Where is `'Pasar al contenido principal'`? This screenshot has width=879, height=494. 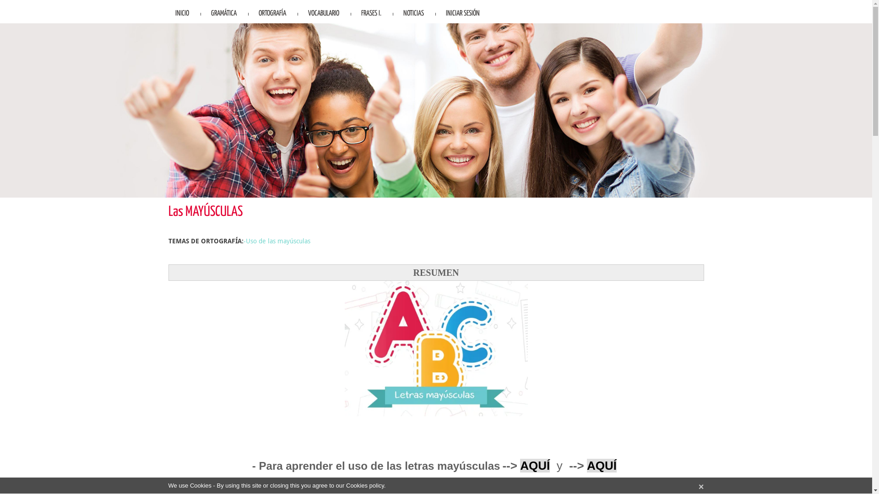 'Pasar al contenido principal' is located at coordinates (39, 0).